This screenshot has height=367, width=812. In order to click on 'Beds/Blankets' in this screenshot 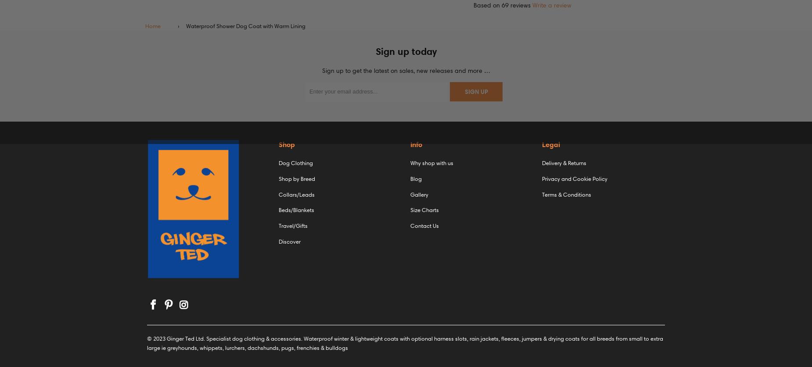, I will do `click(296, 210)`.